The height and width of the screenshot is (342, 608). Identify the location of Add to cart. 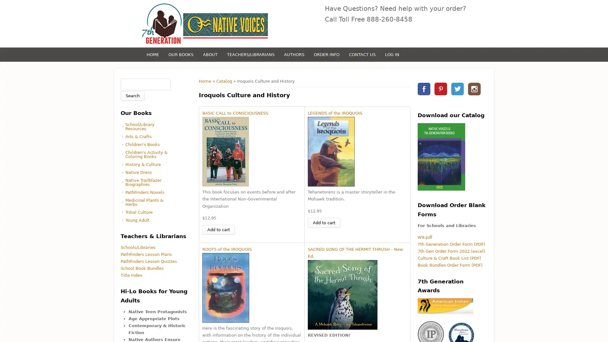
(218, 229).